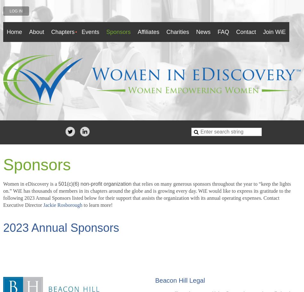 The width and height of the screenshot is (304, 292). I want to click on 'Contact', so click(245, 32).